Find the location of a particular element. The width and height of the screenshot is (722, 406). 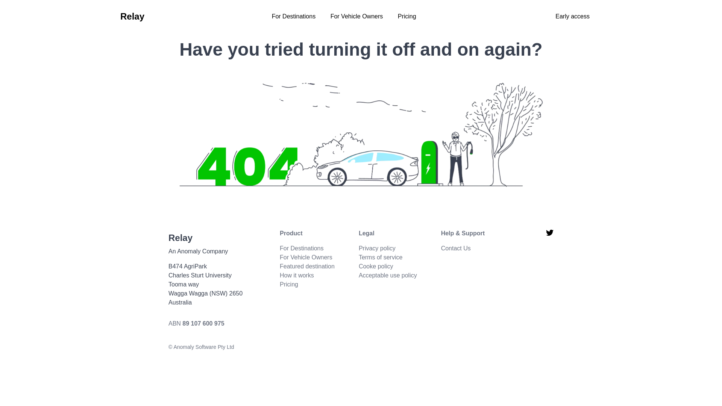

'For Vehicle Owners' is located at coordinates (330, 16).